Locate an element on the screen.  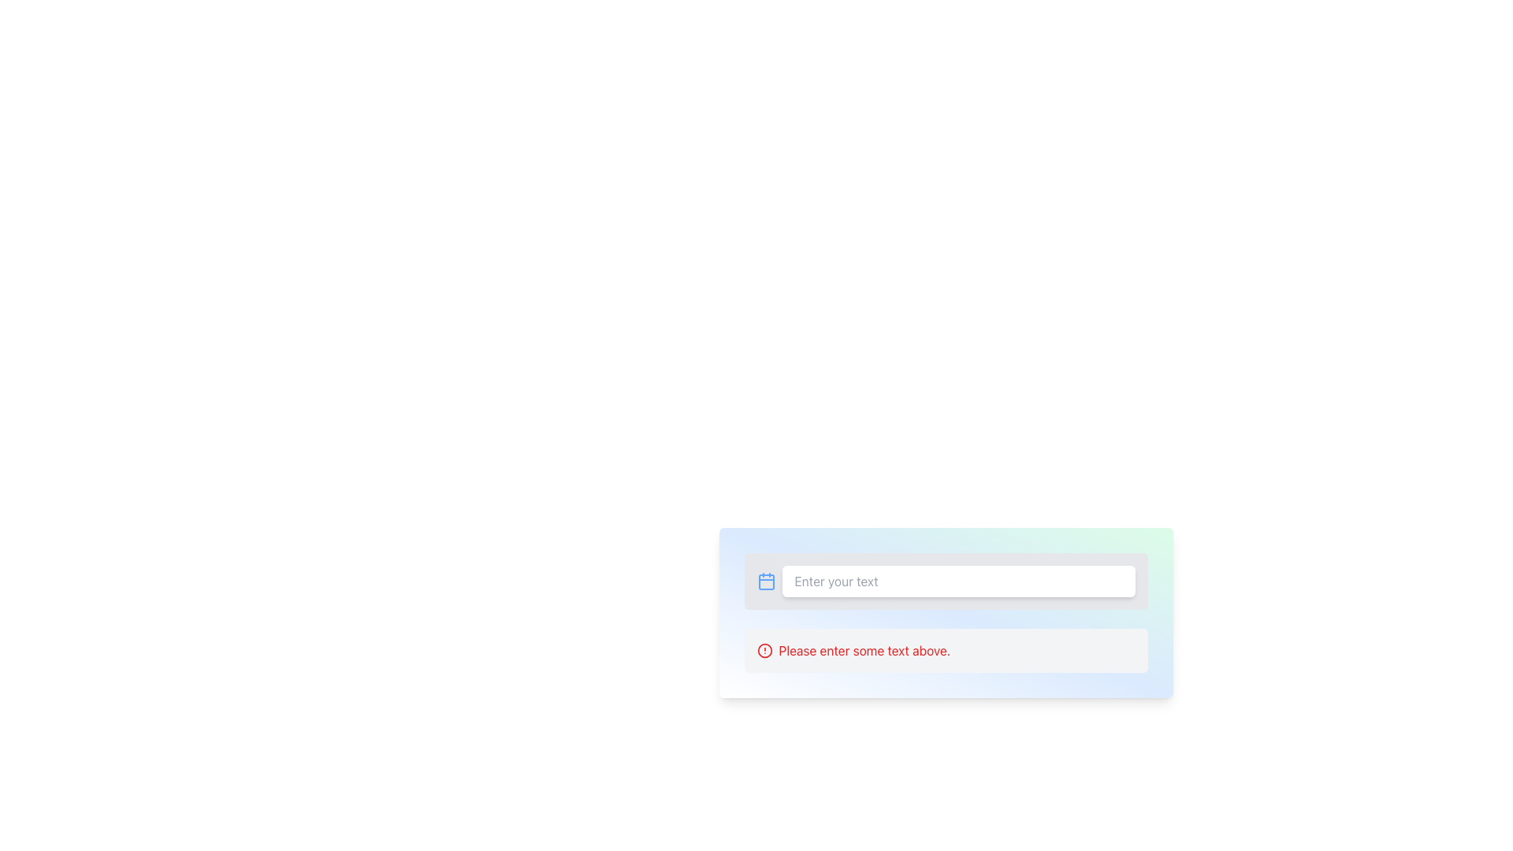
the circular warning icon with a bold red stroke, located to the left of the text 'Please enter some text above.' is located at coordinates (764, 650).